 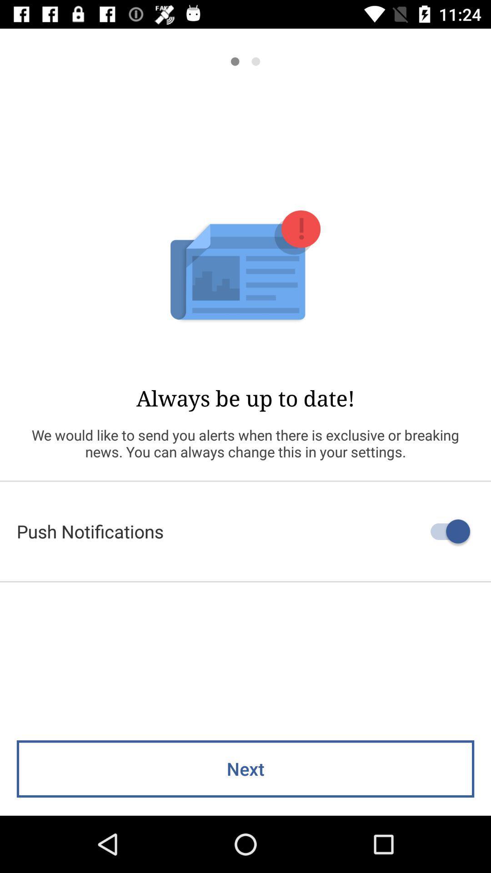 I want to click on the push notifications, so click(x=245, y=531).